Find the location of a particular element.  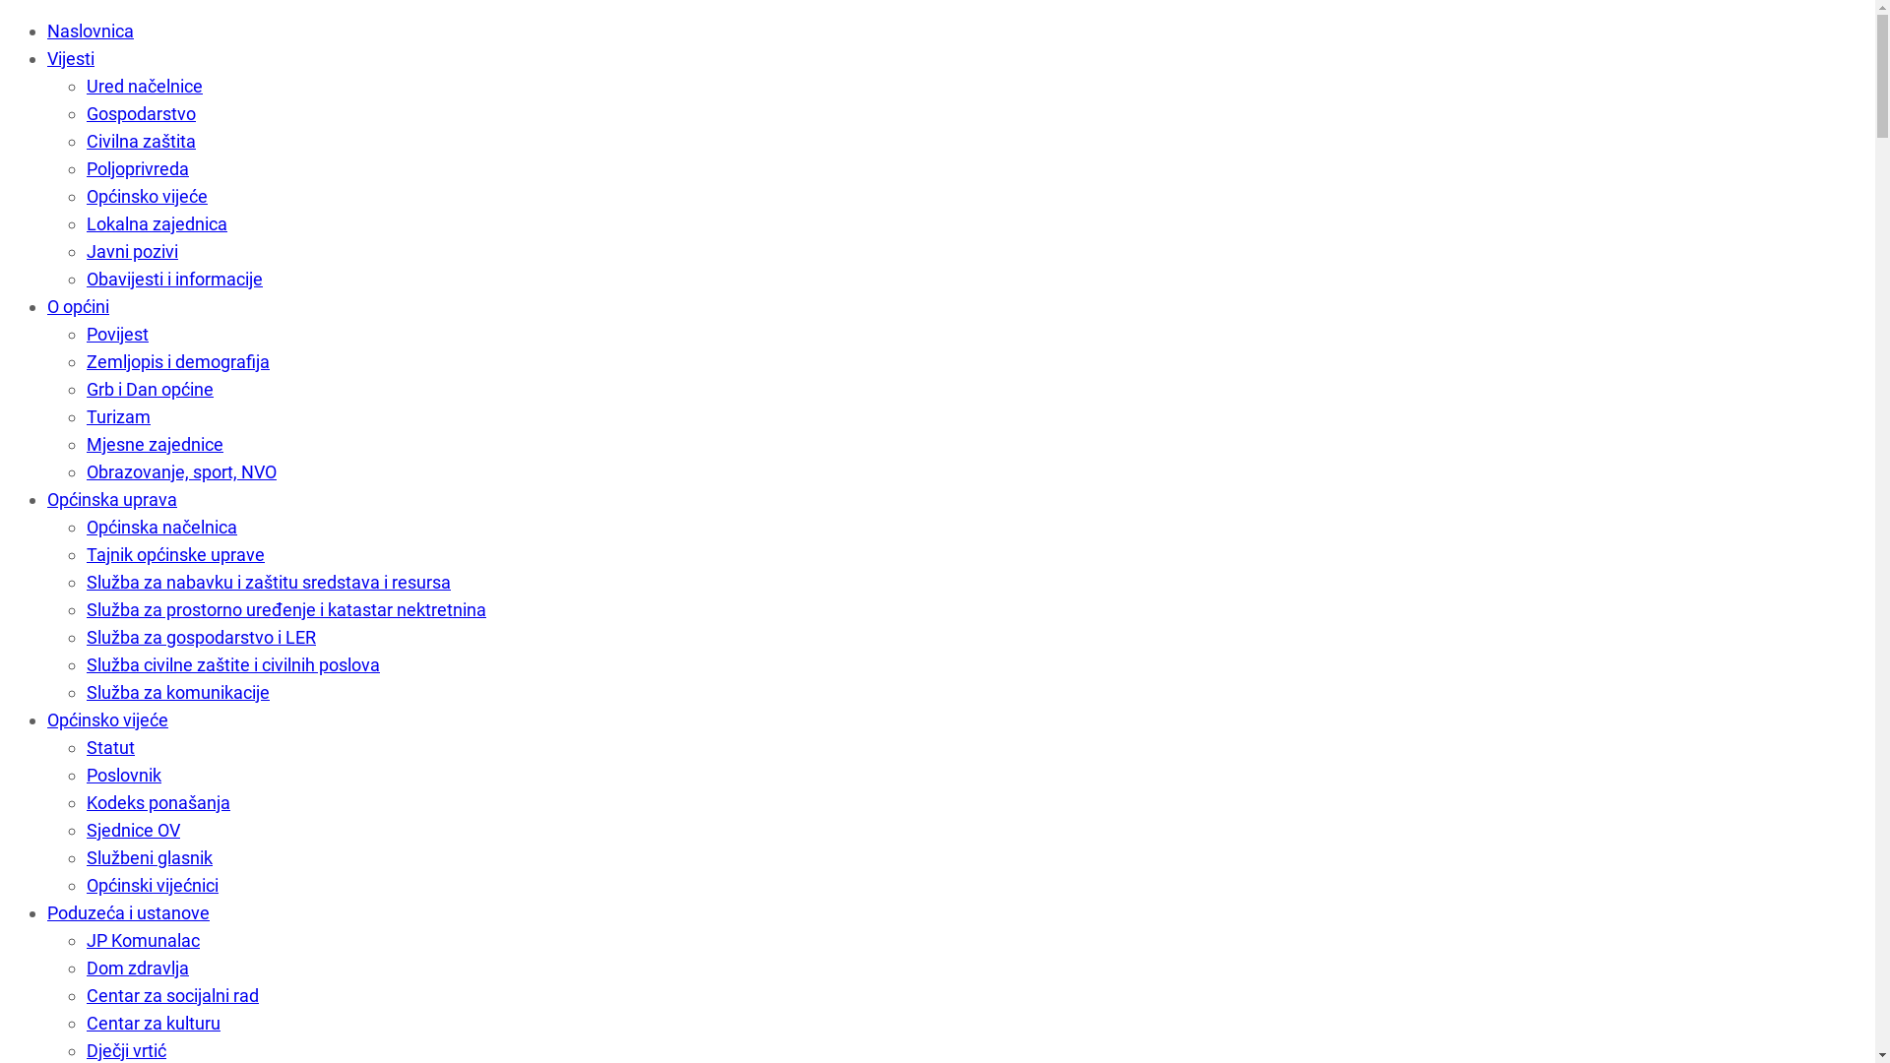

'Centar za kulturu' is located at coordinates (153, 1022).